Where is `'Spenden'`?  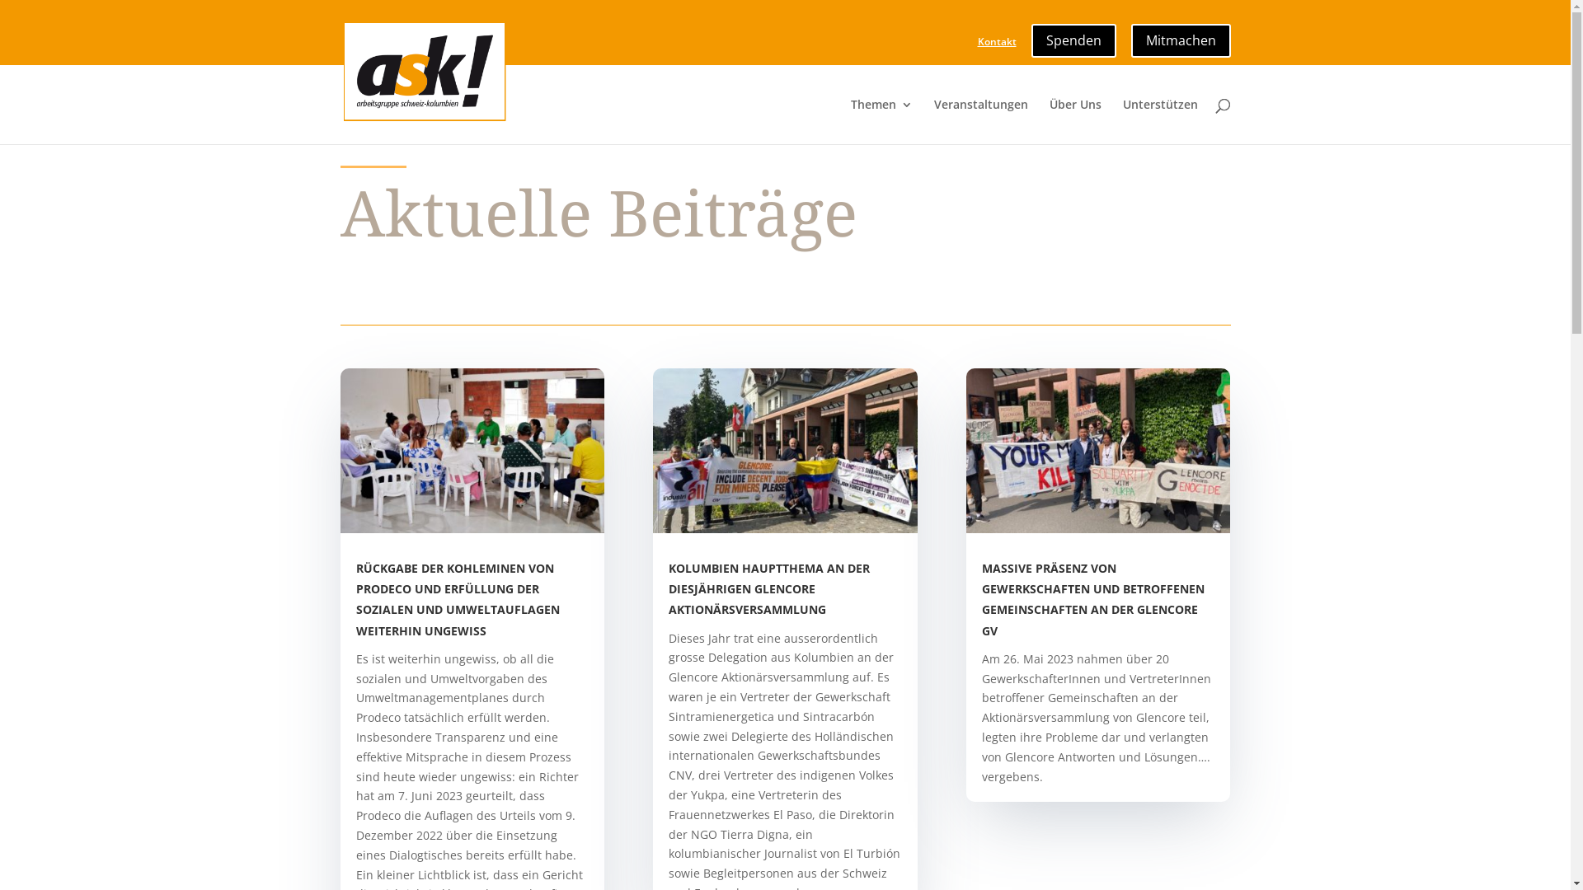
'Spenden' is located at coordinates (1029, 35).